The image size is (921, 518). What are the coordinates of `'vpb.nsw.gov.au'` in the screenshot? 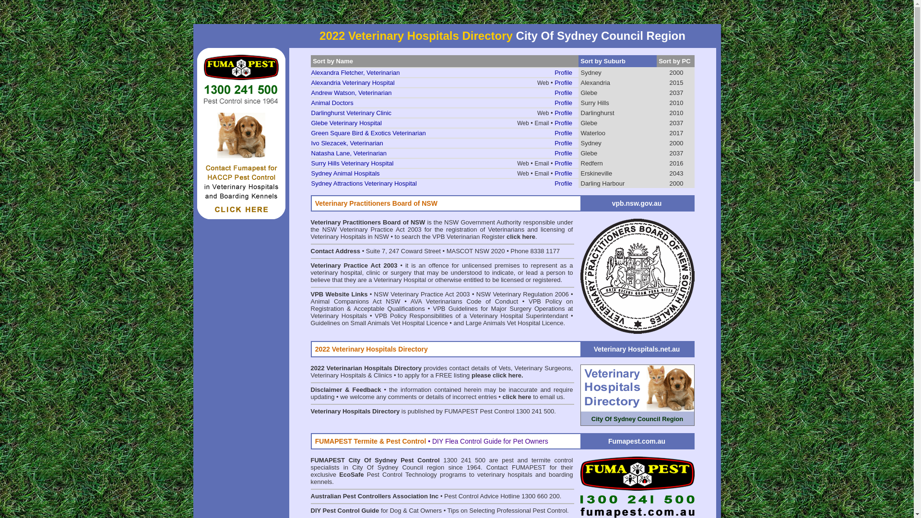 It's located at (612, 203).